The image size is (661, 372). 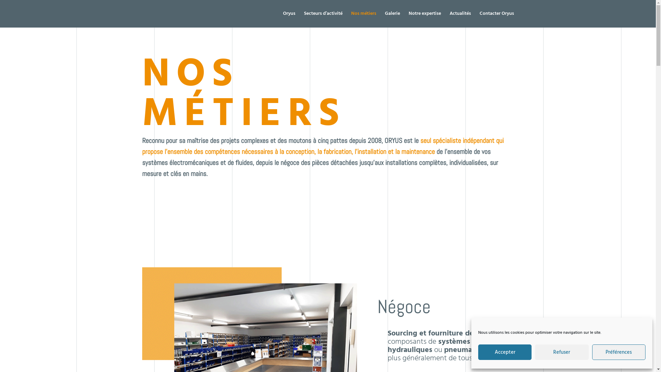 What do you see at coordinates (496, 19) in the screenshot?
I see `'Contacter Oryus'` at bounding box center [496, 19].